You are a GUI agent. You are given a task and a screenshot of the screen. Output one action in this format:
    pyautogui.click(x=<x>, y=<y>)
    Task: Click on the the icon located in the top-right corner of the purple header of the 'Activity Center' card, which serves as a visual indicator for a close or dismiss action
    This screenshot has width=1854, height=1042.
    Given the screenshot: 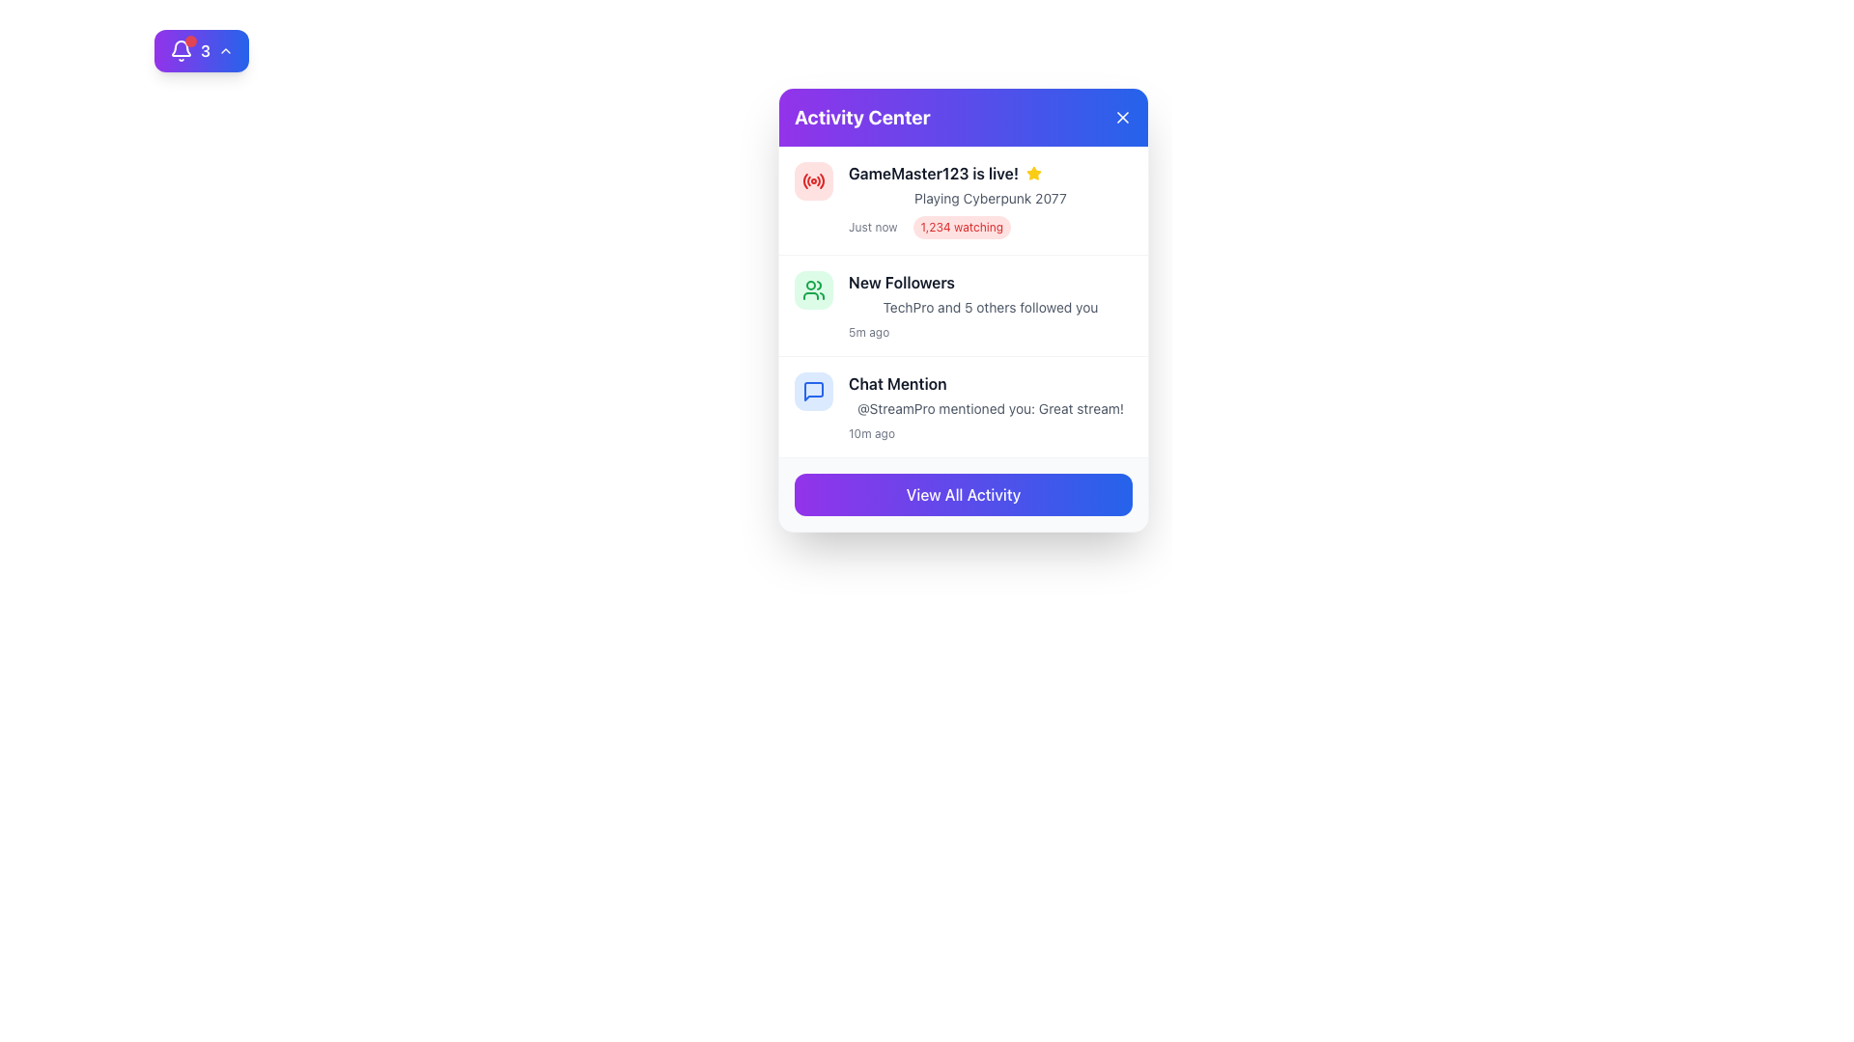 What is the action you would take?
    pyautogui.click(x=1122, y=118)
    